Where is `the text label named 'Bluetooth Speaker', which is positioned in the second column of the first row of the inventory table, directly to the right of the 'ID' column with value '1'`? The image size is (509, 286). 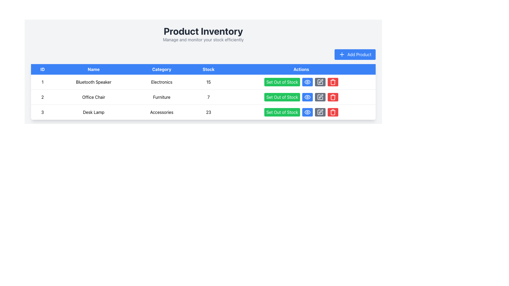 the text label named 'Bluetooth Speaker', which is positioned in the second column of the first row of the inventory table, directly to the right of the 'ID' column with value '1' is located at coordinates (94, 82).